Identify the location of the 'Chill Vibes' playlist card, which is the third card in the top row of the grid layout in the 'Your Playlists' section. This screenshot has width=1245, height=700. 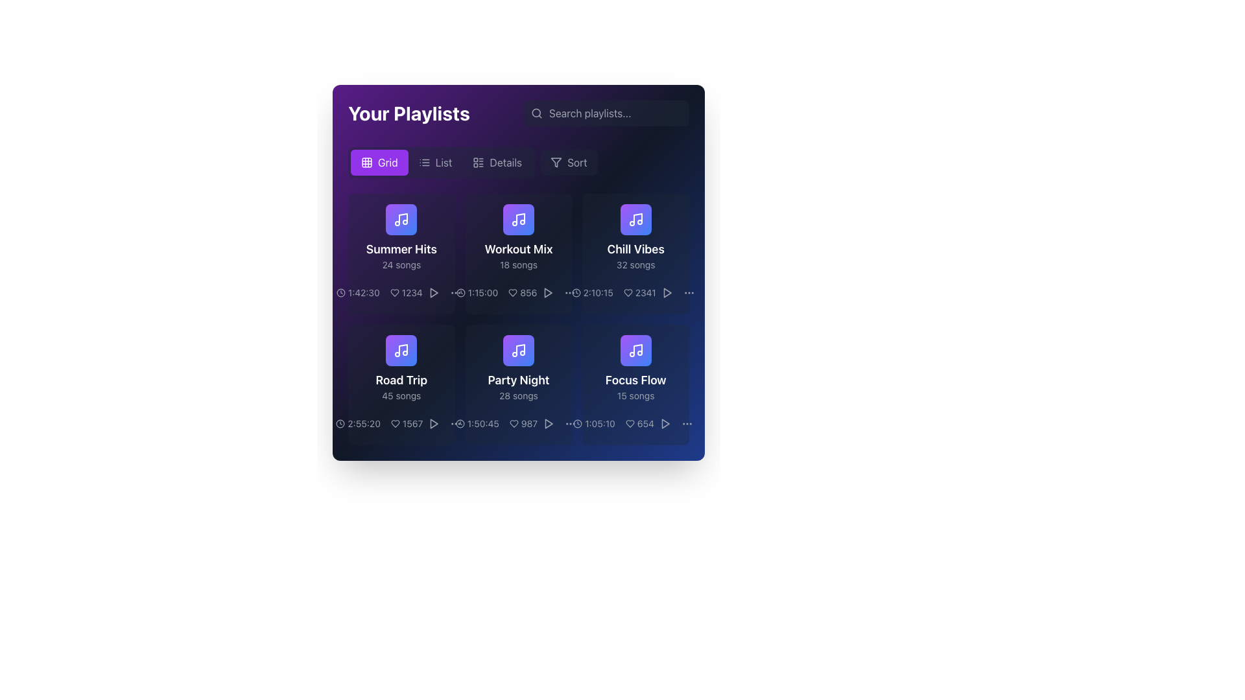
(635, 237).